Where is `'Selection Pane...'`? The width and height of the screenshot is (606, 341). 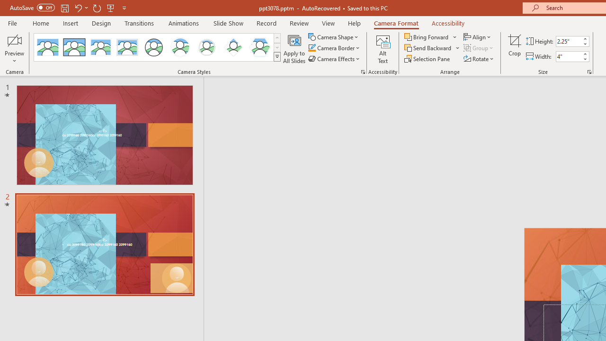
'Selection Pane...' is located at coordinates (428, 59).